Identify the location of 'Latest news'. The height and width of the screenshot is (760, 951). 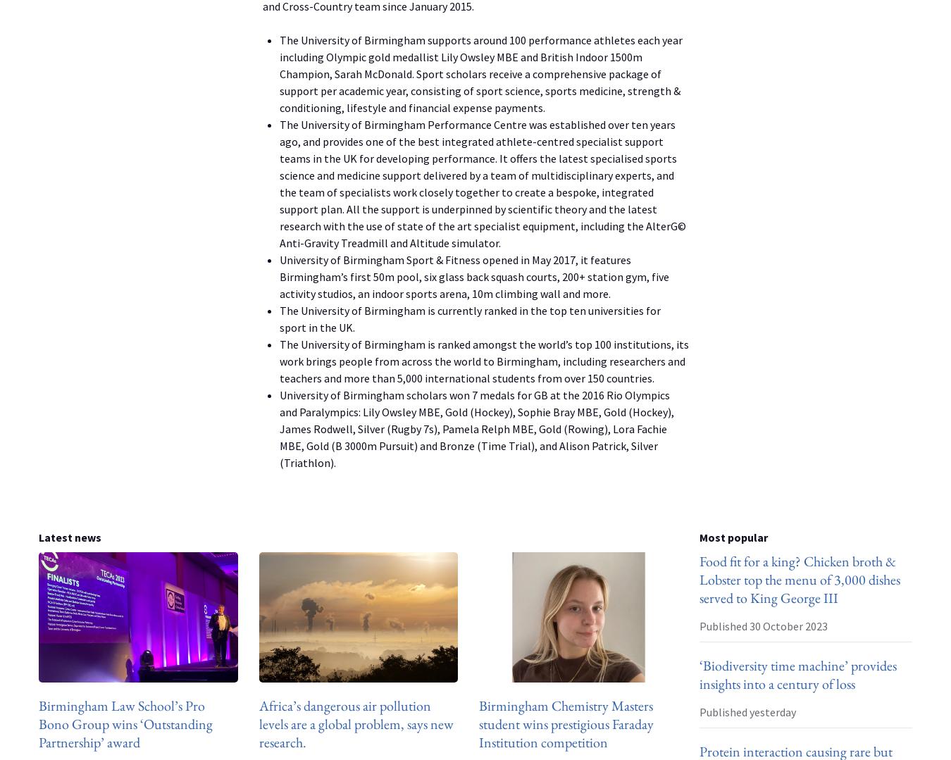
(69, 537).